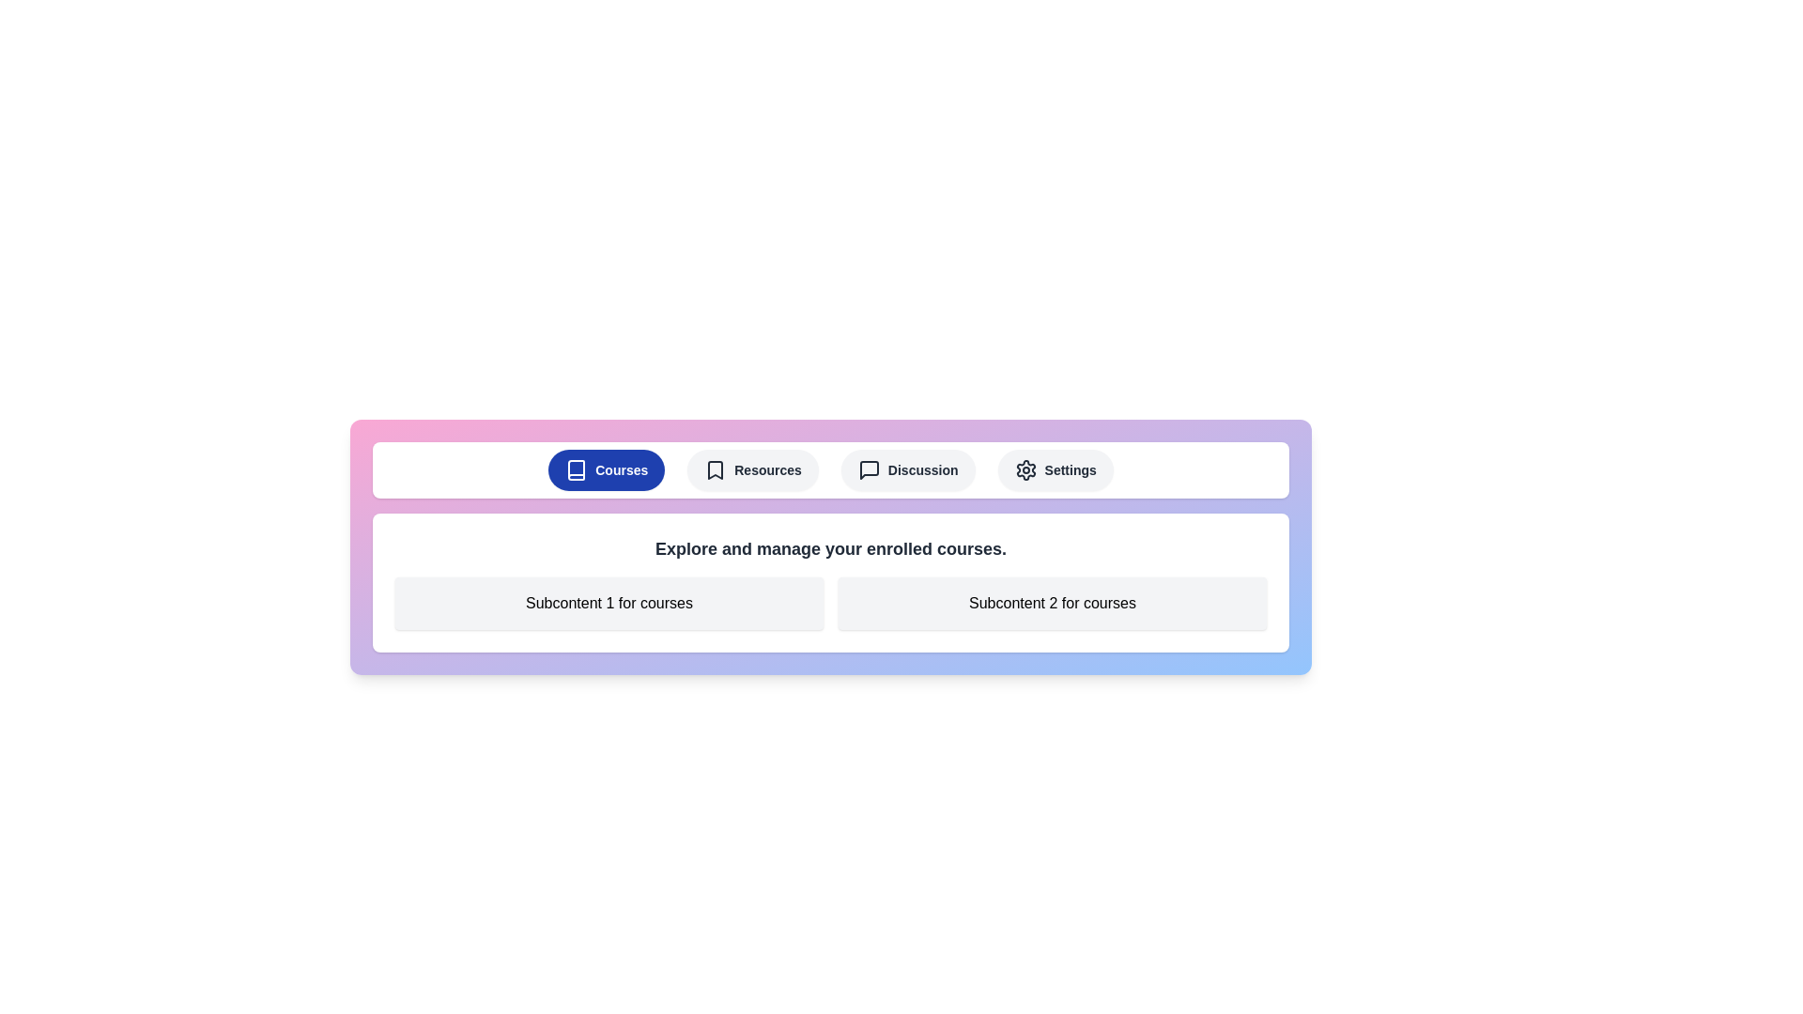 The width and height of the screenshot is (1803, 1014). Describe the element at coordinates (576, 469) in the screenshot. I see `the book icon SVG element located within the 'Courses' button in the top-left section of the interface` at that location.